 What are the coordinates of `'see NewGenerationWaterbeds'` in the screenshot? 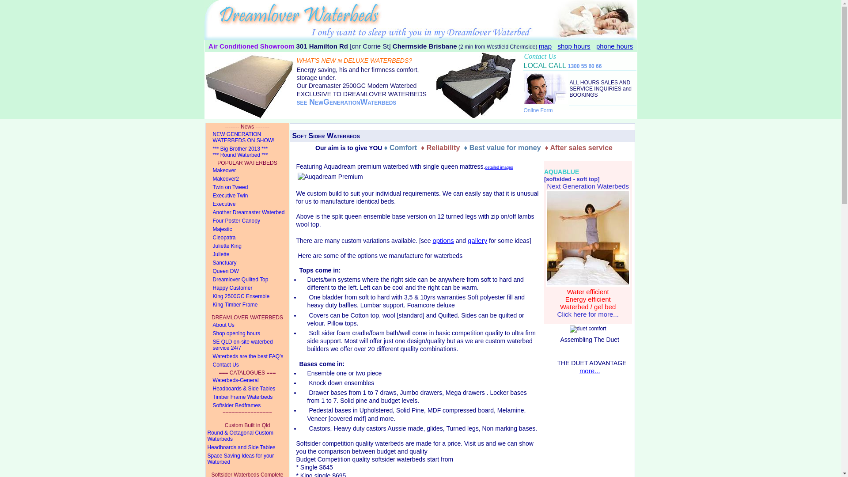 It's located at (346, 102).